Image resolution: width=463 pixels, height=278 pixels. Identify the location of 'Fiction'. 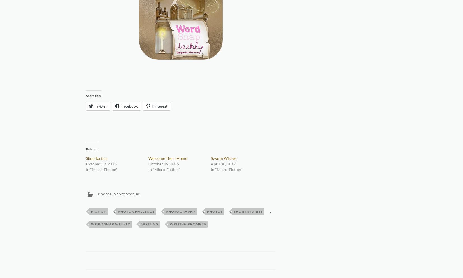
(98, 211).